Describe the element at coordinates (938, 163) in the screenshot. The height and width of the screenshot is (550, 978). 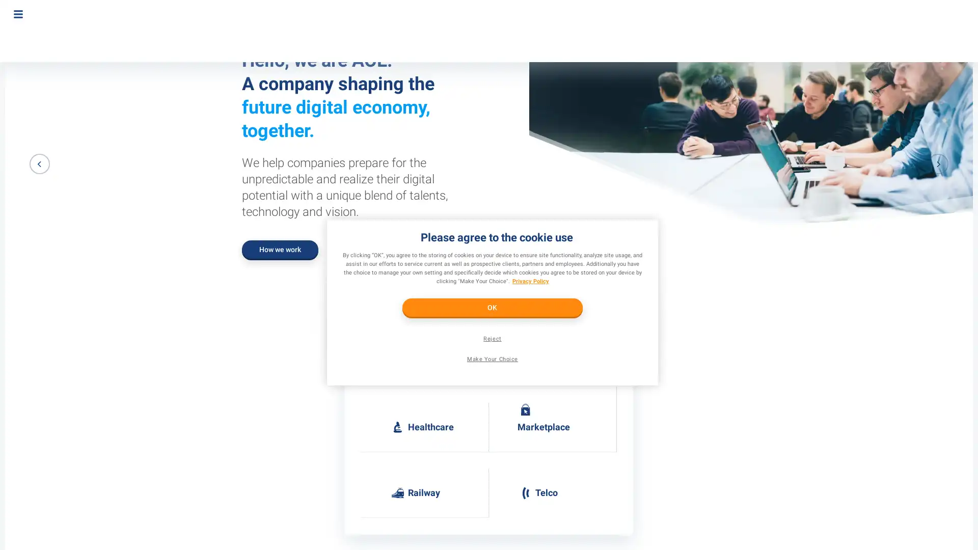
I see `Next` at that location.